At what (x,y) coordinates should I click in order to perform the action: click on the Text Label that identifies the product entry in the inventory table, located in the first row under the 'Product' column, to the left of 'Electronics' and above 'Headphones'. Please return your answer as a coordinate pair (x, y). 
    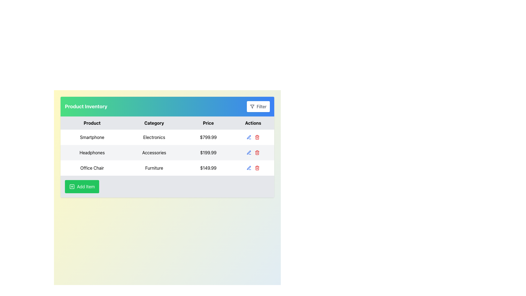
    Looking at the image, I should click on (92, 137).